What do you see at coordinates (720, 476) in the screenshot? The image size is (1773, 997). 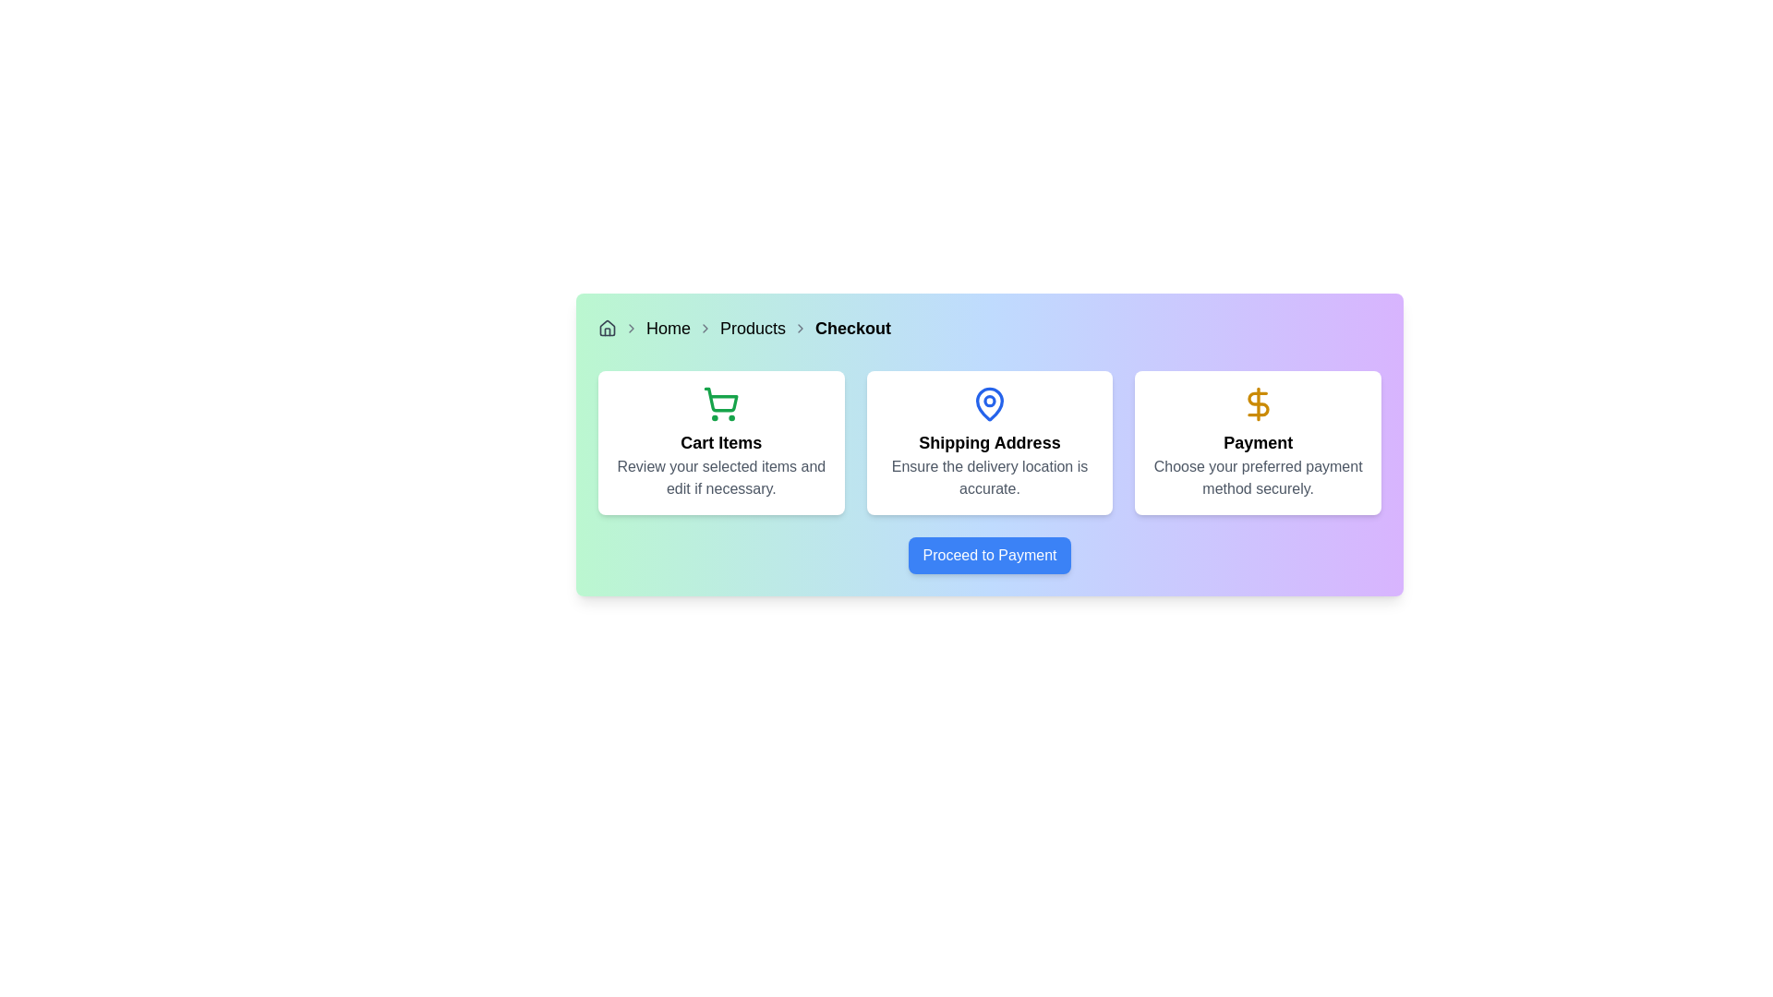 I see `the text label that displays 'Review your selected items and edit if necessary.', which is located below the 'Cart Items' title and adjacent to the green shopping cart icon within the card interface` at bounding box center [720, 476].